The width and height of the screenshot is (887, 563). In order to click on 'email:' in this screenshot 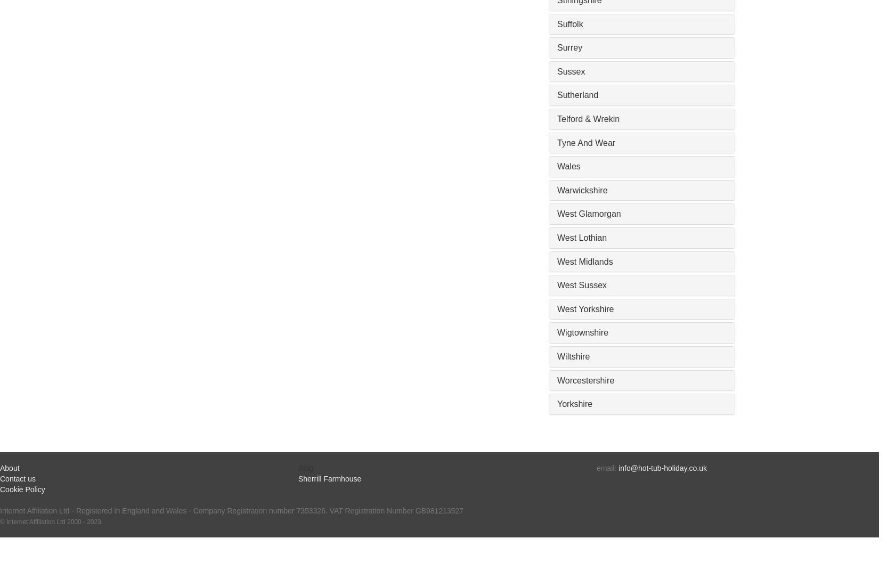, I will do `click(607, 467)`.